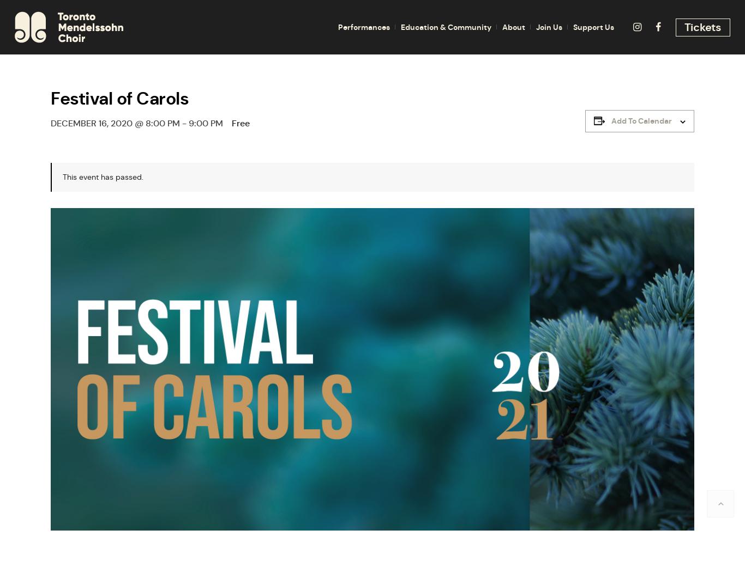 The width and height of the screenshot is (745, 585). What do you see at coordinates (543, 164) in the screenshot?
I see `'Work With Us'` at bounding box center [543, 164].